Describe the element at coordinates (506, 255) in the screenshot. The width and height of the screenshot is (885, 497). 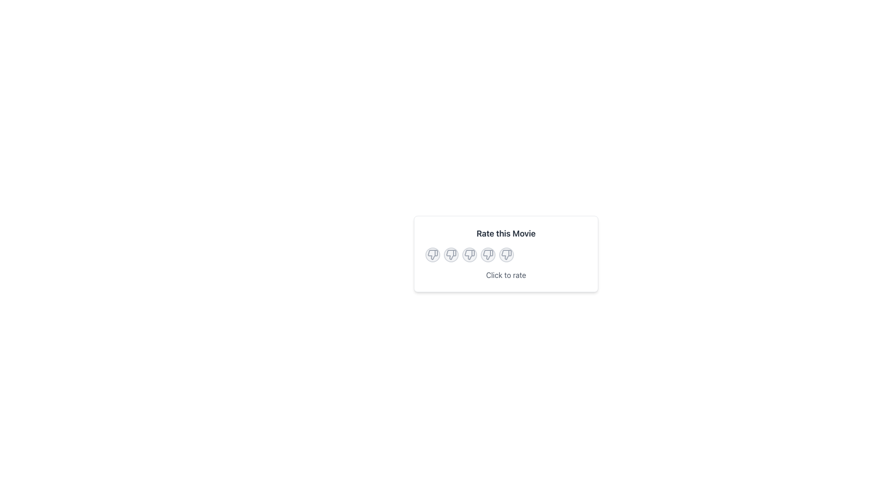
I see `the fifth thumbs-down SVG graphic icon in the bottom right panel` at that location.